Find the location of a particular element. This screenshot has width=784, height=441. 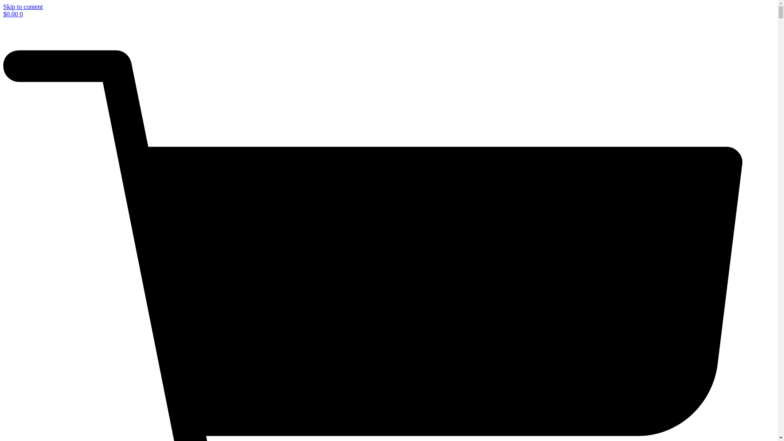

'Skip to content' is located at coordinates (23, 7).